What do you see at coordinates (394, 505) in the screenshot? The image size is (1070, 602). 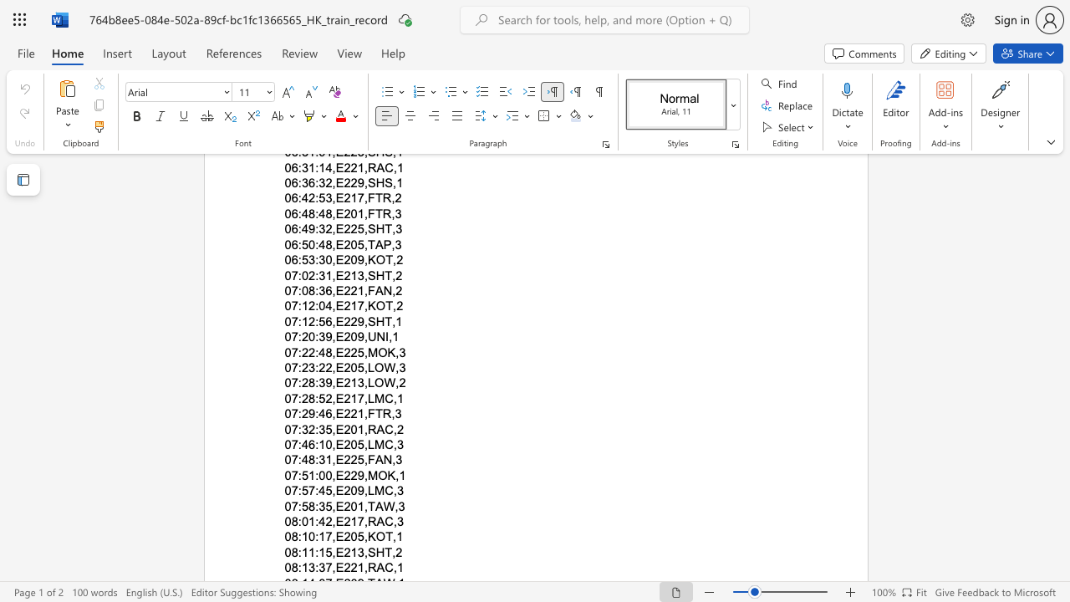 I see `the subset text ",3" within the text "07:58:35,E201,TAW,3"` at bounding box center [394, 505].